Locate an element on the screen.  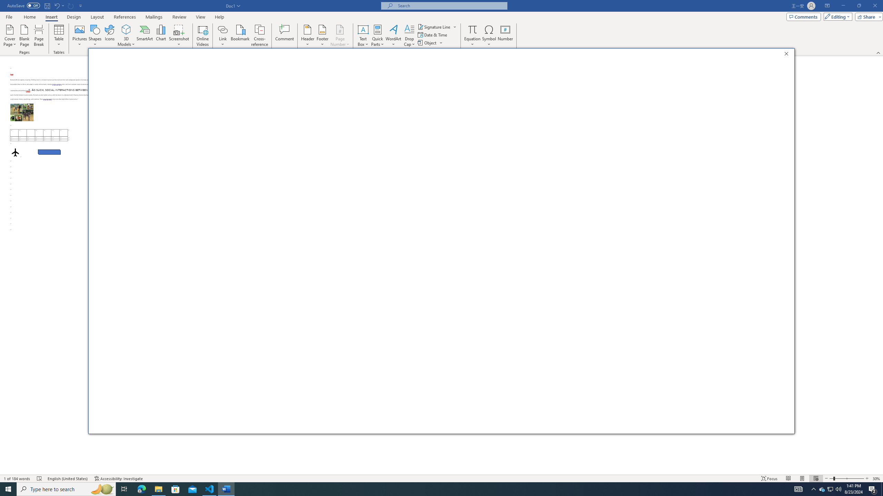
'Date & Time...' is located at coordinates (433, 34).